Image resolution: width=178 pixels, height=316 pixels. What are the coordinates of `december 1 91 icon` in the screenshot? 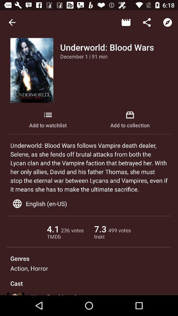 It's located at (84, 56).